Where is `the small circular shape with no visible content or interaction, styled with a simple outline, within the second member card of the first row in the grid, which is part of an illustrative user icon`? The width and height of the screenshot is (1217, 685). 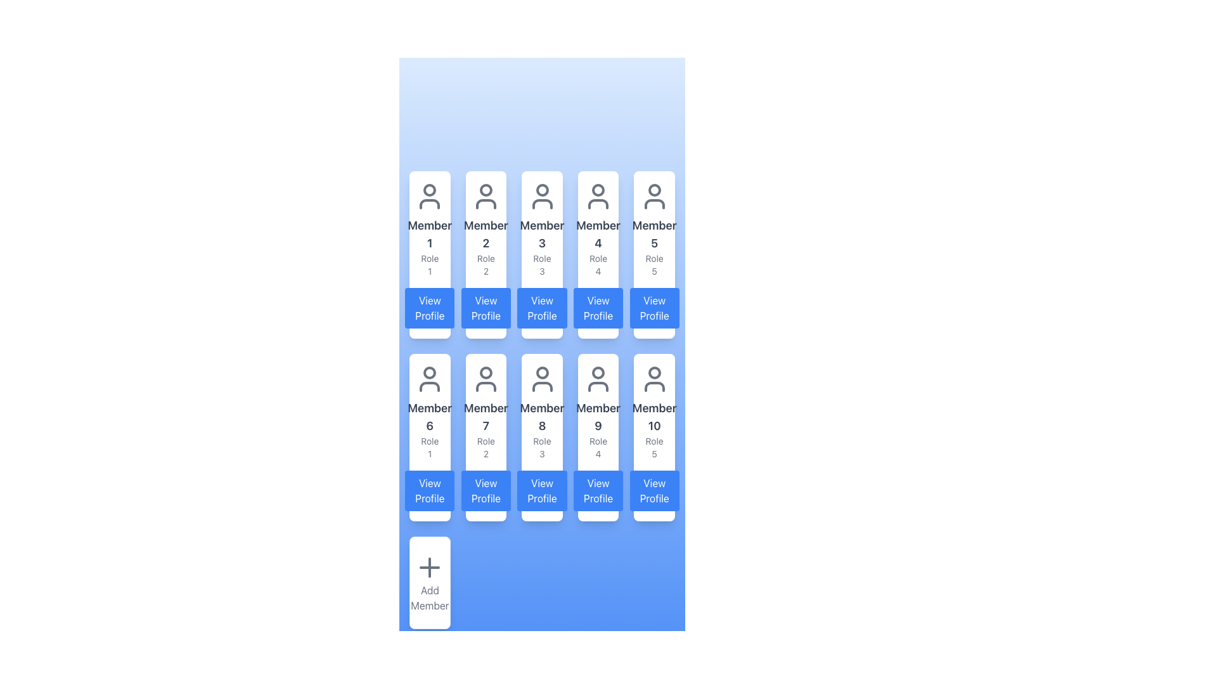 the small circular shape with no visible content or interaction, styled with a simple outline, within the second member card of the first row in the grid, which is part of an illustrative user icon is located at coordinates (485, 190).